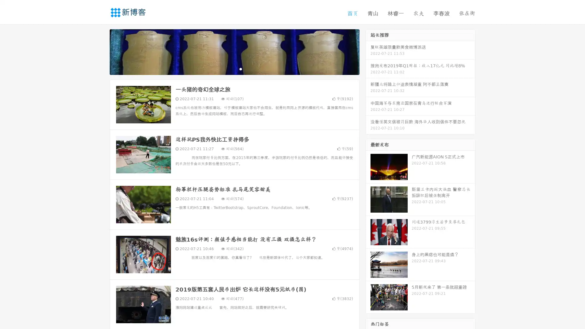 This screenshot has width=585, height=329. What do you see at coordinates (240, 69) in the screenshot?
I see `Go to slide 3` at bounding box center [240, 69].